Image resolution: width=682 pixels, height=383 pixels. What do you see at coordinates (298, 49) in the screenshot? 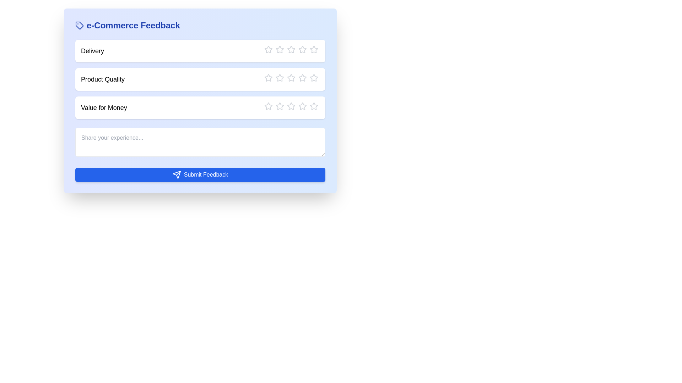
I see `the star corresponding to the rating 4 for the category Delivery` at bounding box center [298, 49].